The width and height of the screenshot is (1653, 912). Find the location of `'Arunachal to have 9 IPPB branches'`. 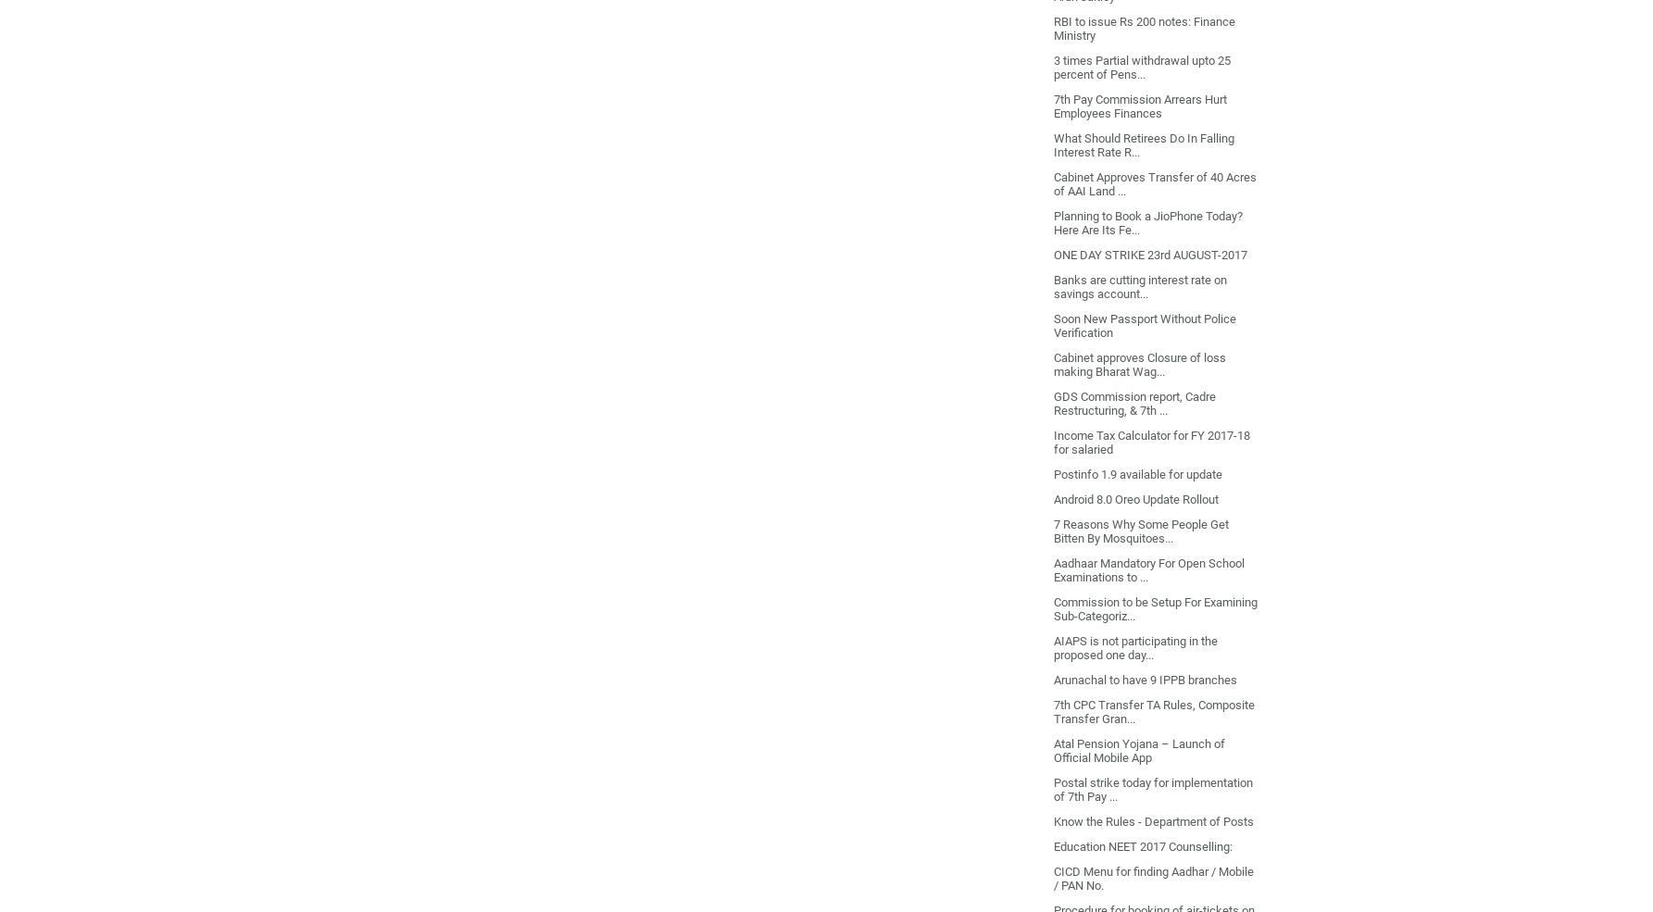

'Arunachal to have 9 IPPB branches' is located at coordinates (1143, 679).